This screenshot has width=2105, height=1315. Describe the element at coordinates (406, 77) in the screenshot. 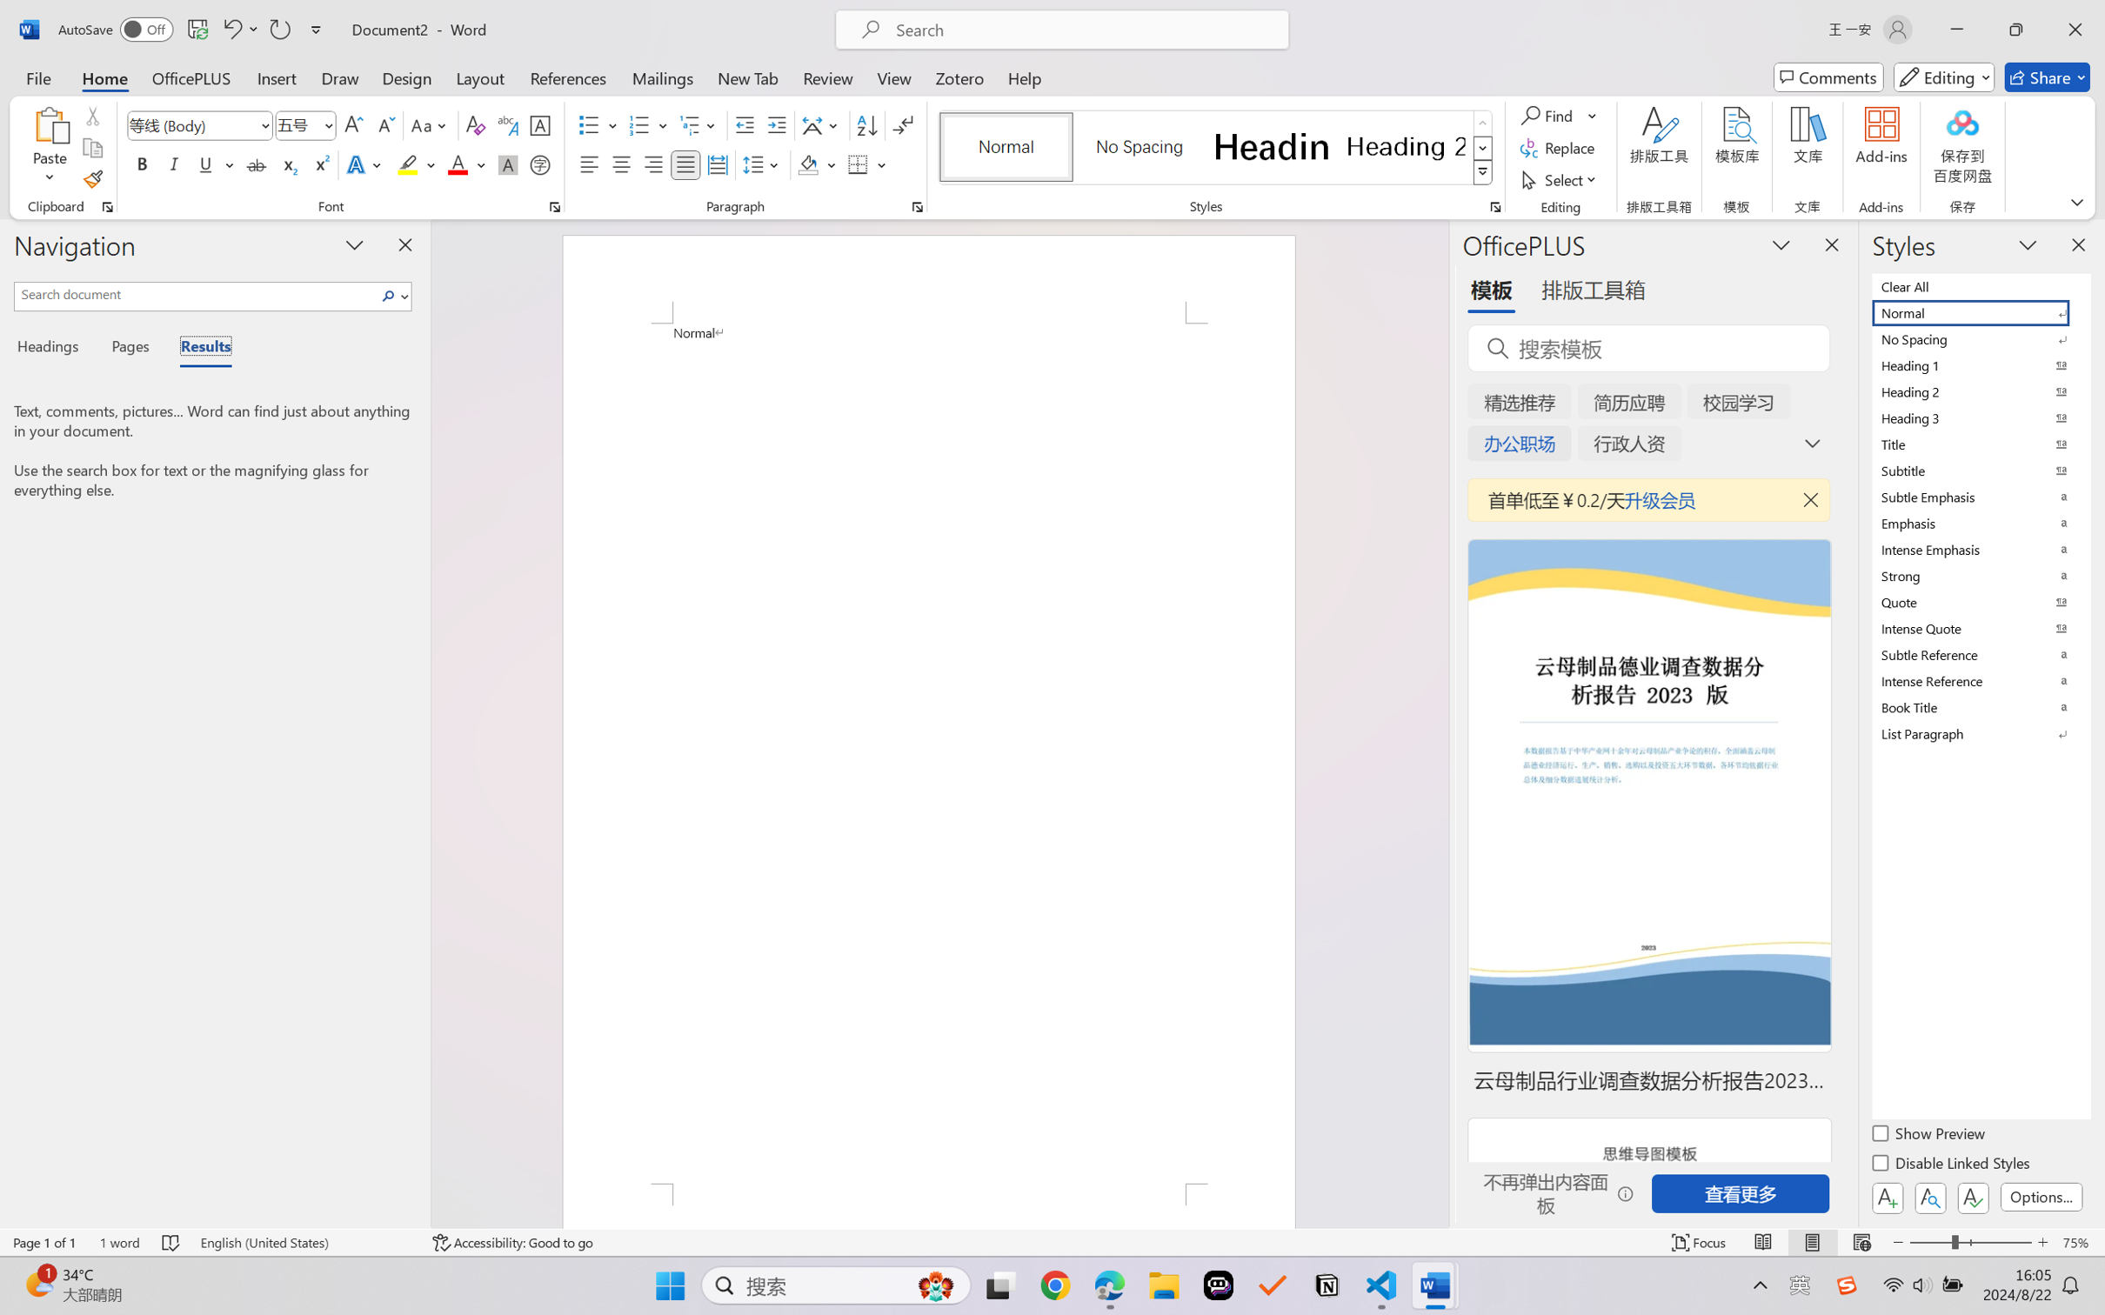

I see `'Design'` at that location.